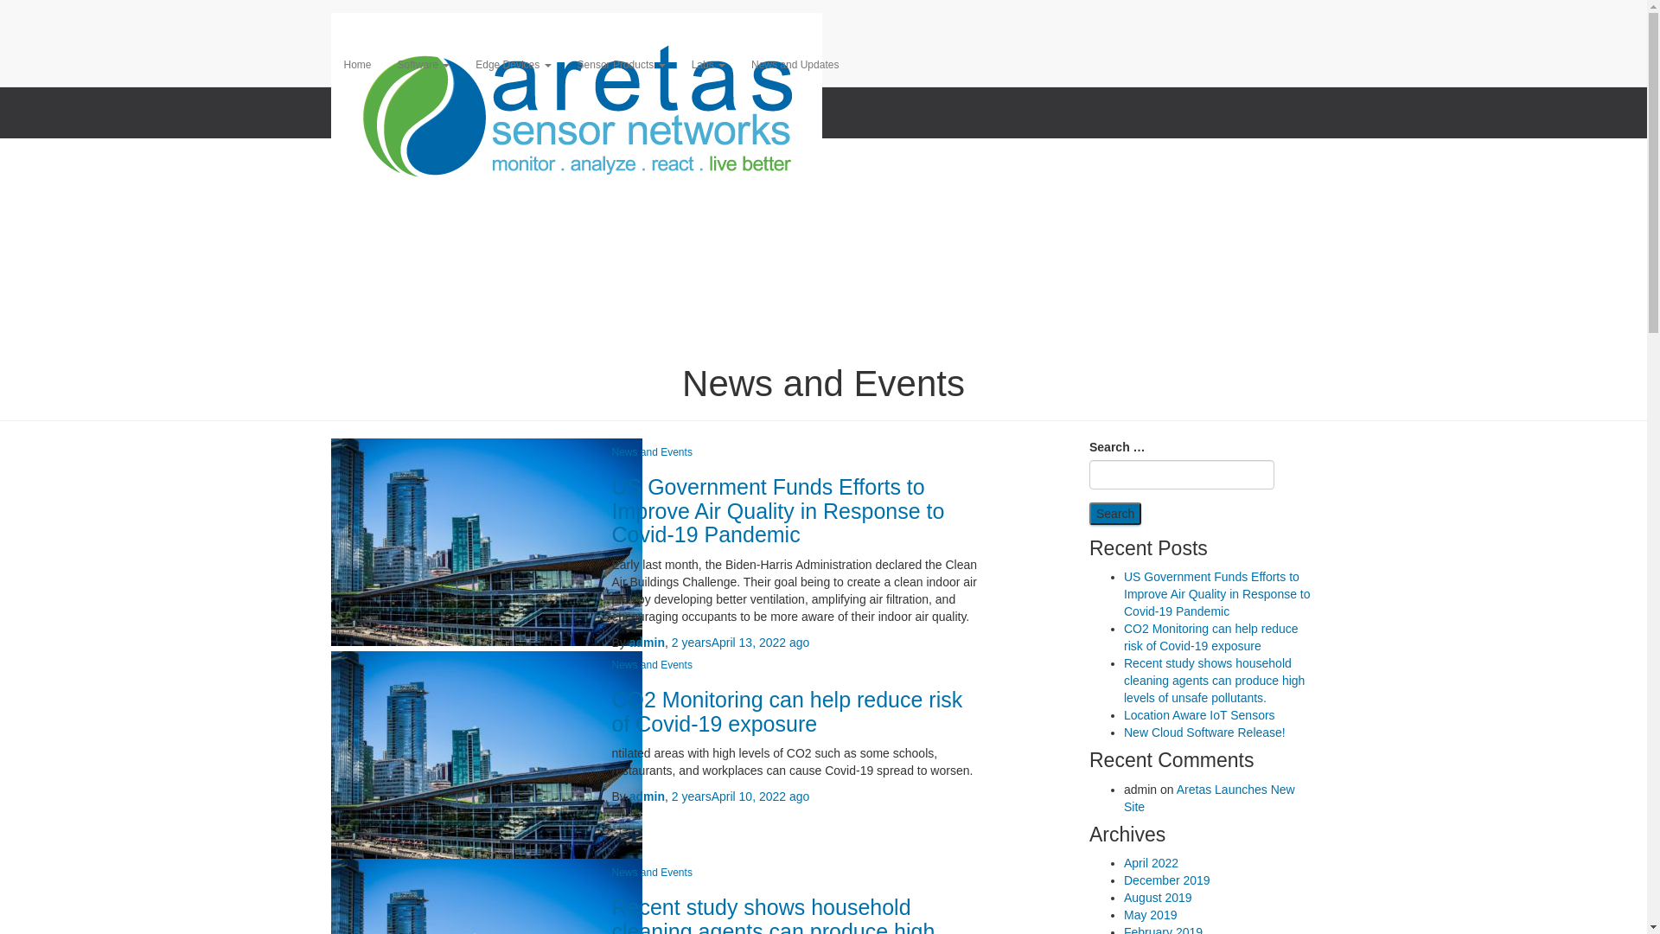 This screenshot has width=1660, height=934. What do you see at coordinates (512, 63) in the screenshot?
I see `'Edge Devices'` at bounding box center [512, 63].